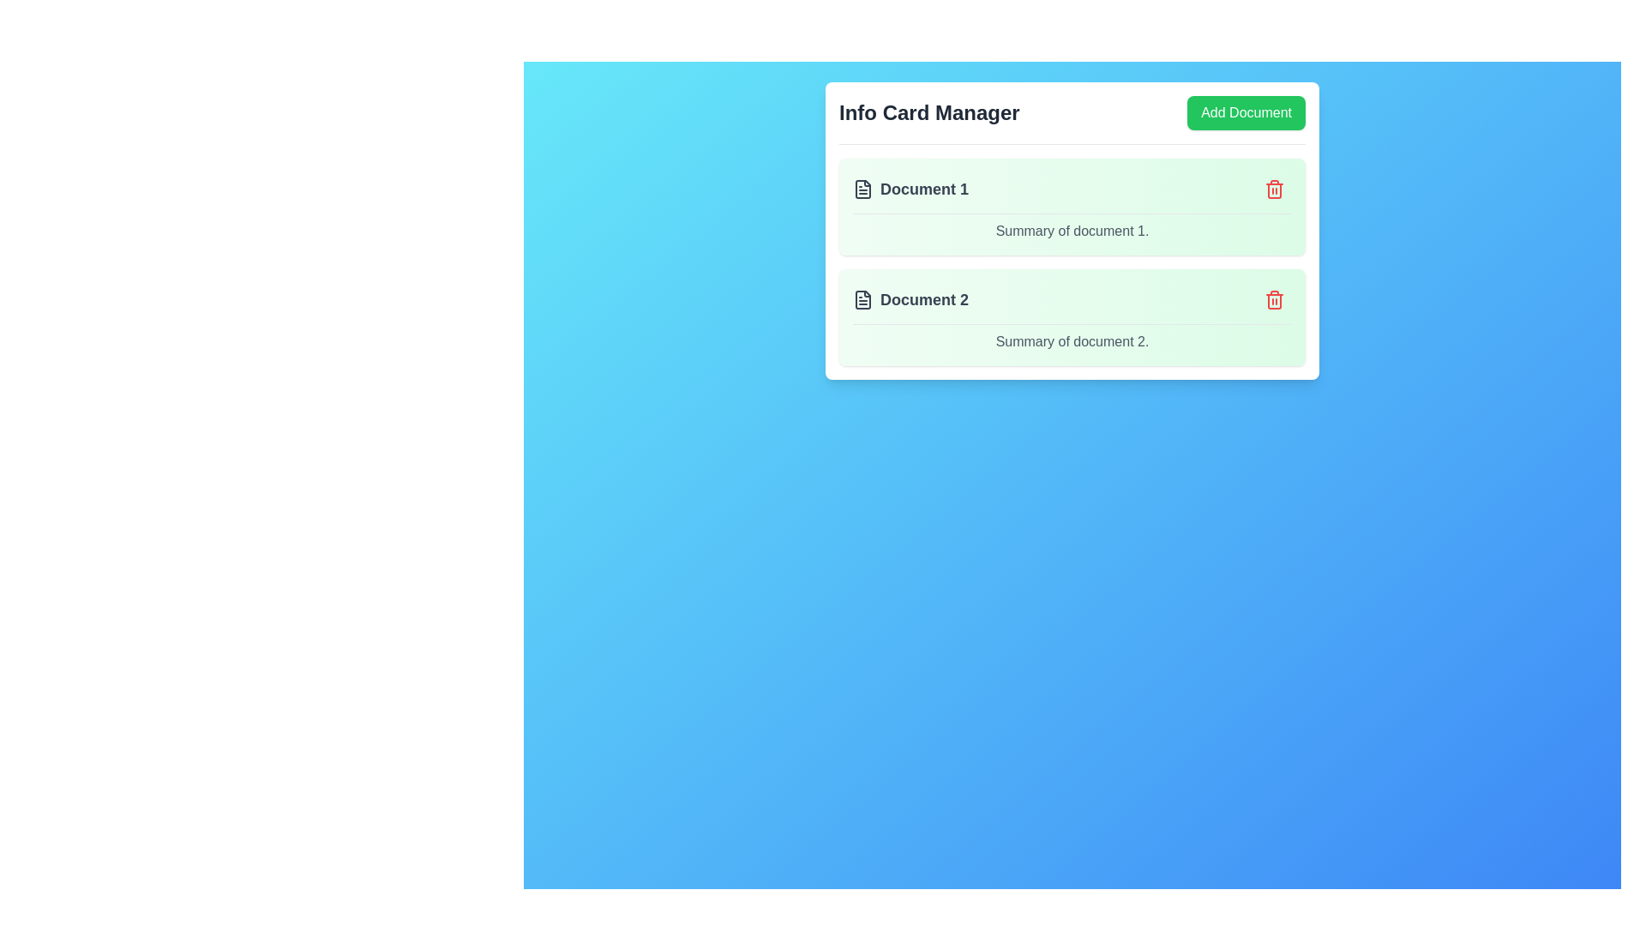 The height and width of the screenshot is (926, 1646). Describe the element at coordinates (863, 299) in the screenshot. I see `the document icon with a folded corner, located to the left of 'Document 2' in the second row of document listings` at that location.